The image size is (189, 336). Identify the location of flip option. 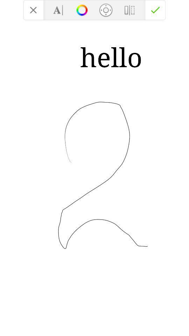
(129, 9).